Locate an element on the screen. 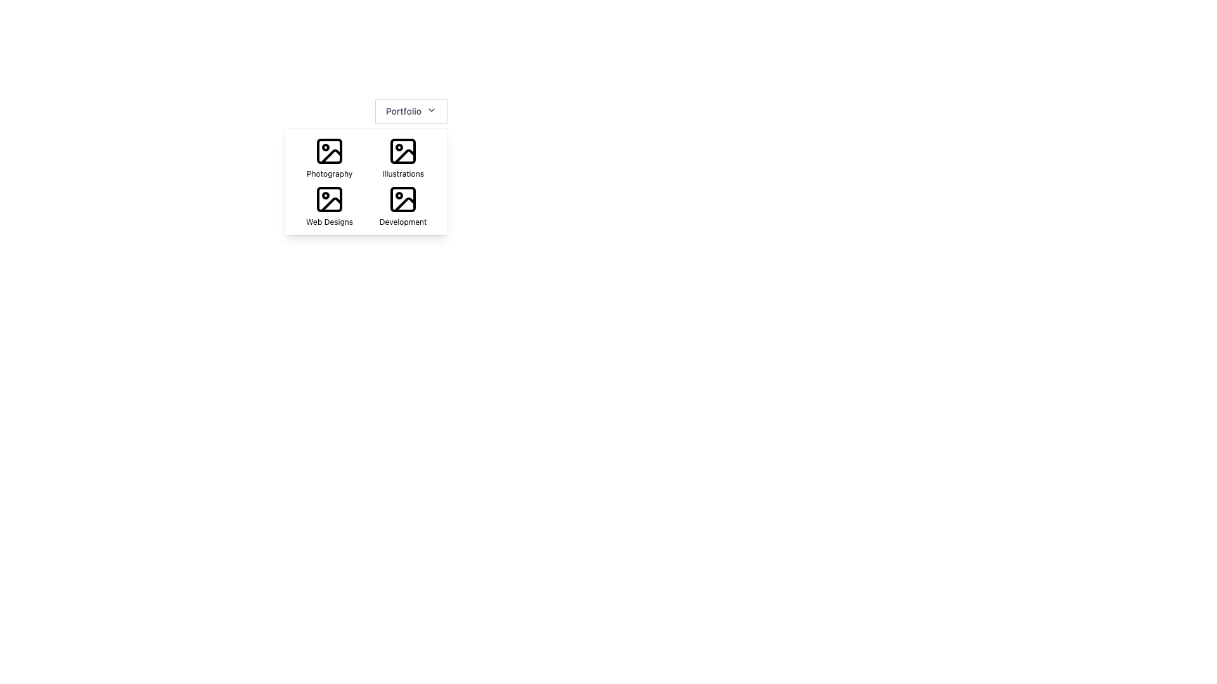  the 'Illustrations' icon located in the upper-right corner of the 2x2 icon grid under the label 'Portfolio' is located at coordinates (402, 151).